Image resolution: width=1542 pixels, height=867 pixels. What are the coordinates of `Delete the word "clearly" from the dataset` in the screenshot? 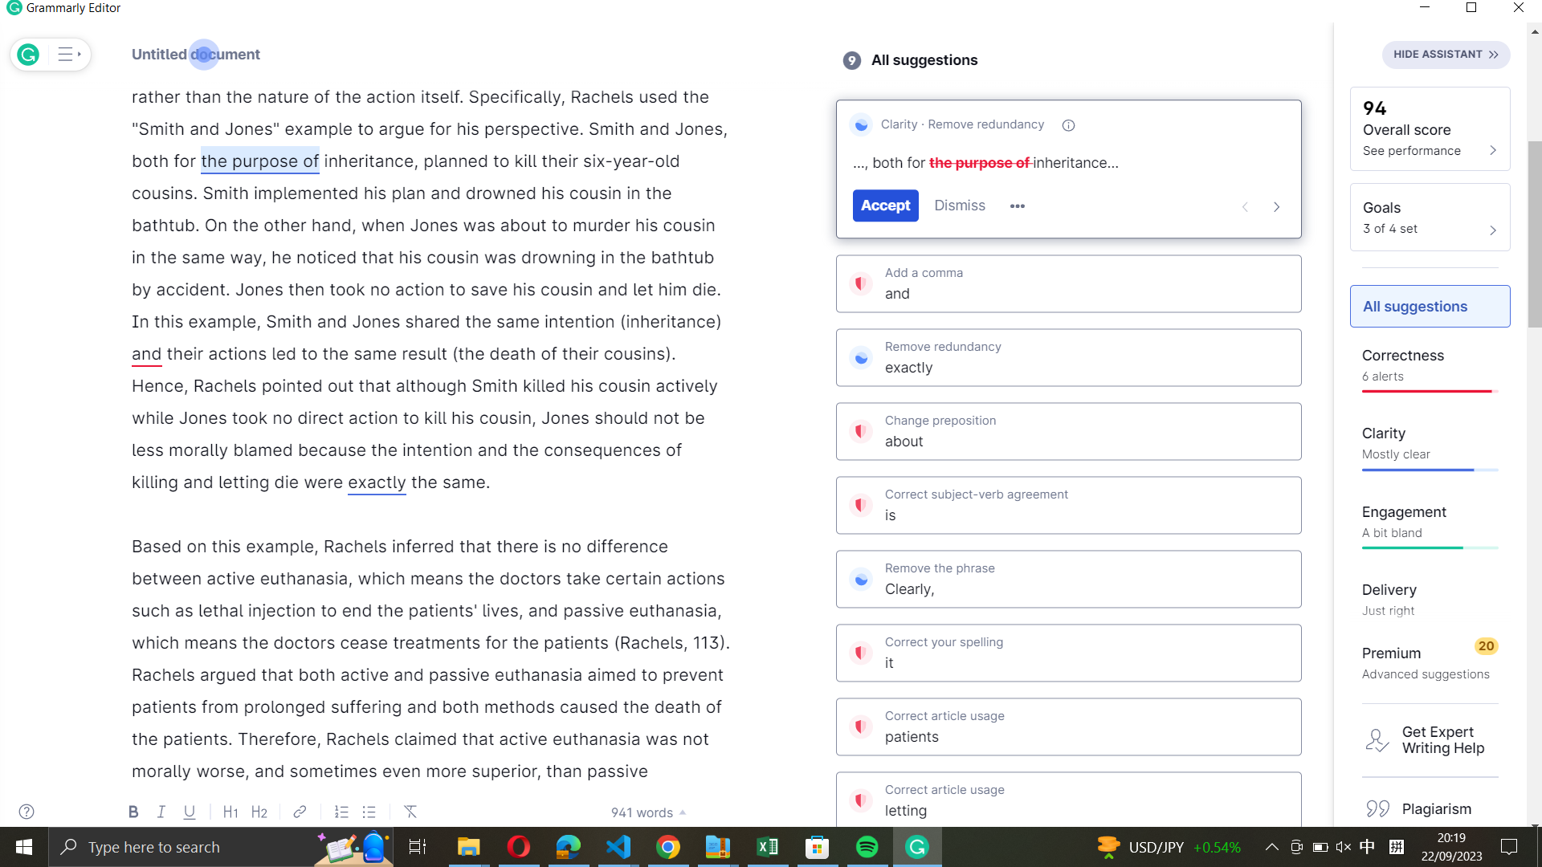 It's located at (1068, 576).